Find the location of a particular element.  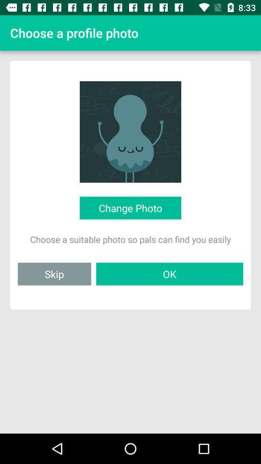

skip is located at coordinates (54, 274).